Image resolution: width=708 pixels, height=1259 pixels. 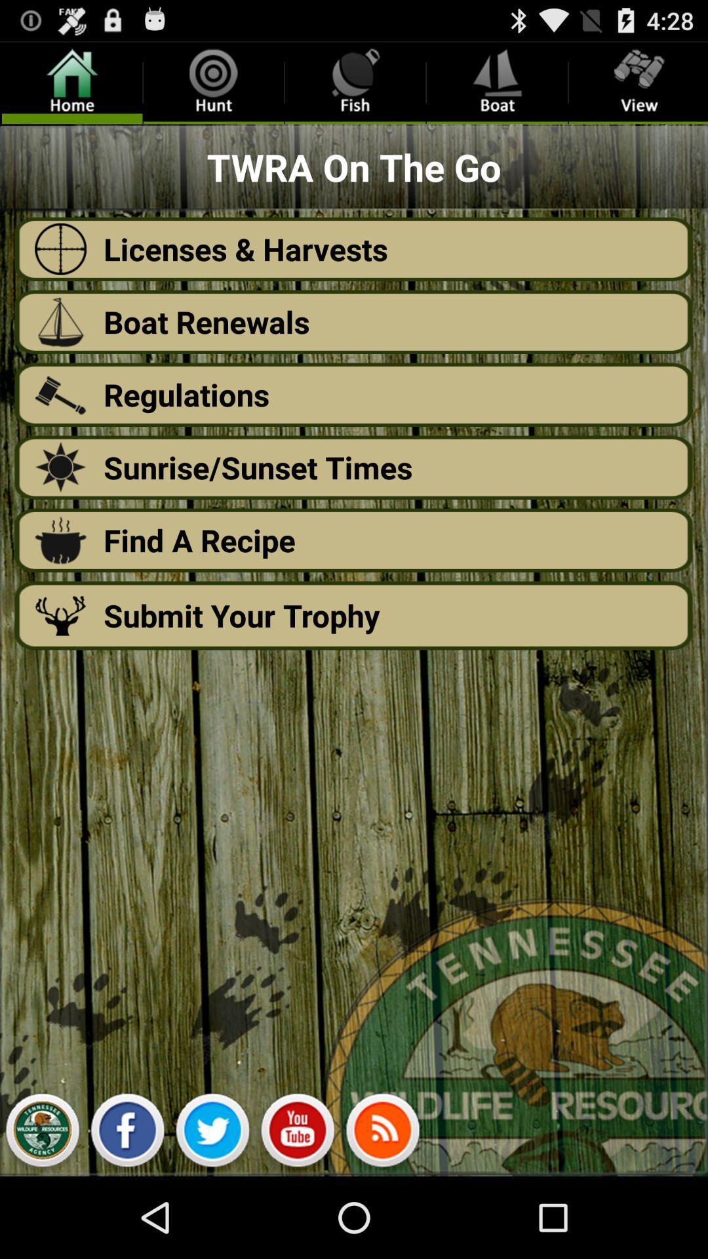 I want to click on the item below the submit your trophy item, so click(x=382, y=1133).